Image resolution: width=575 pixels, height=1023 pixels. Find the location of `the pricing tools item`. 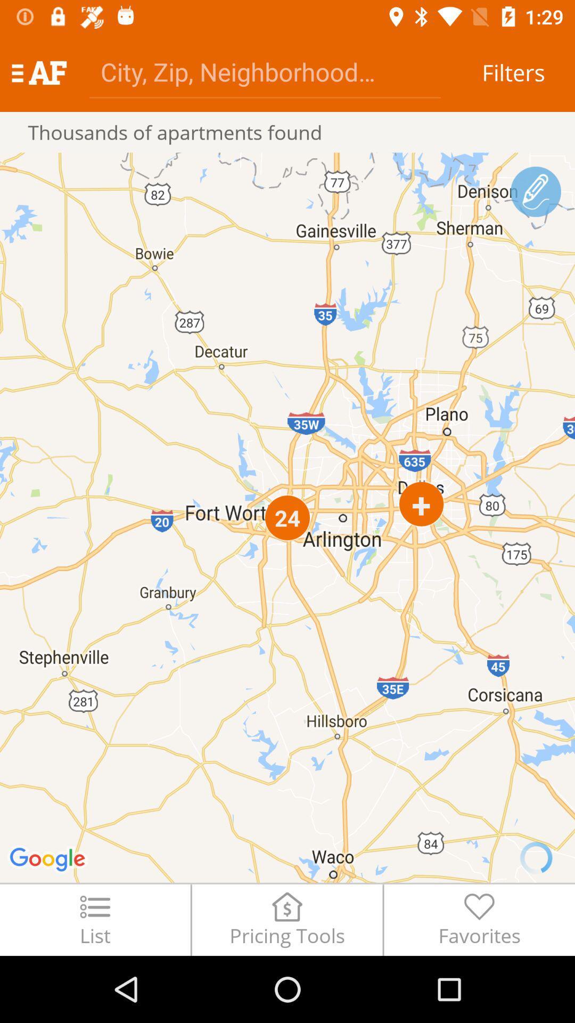

the pricing tools item is located at coordinates (286, 919).